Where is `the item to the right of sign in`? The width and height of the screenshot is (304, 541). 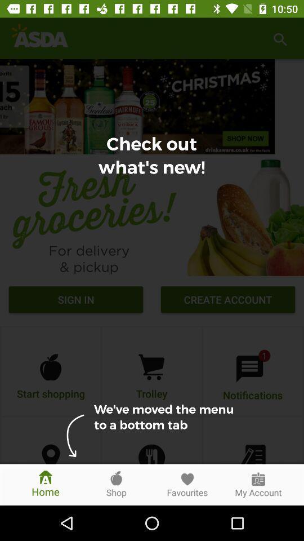 the item to the right of sign in is located at coordinates (228, 300).